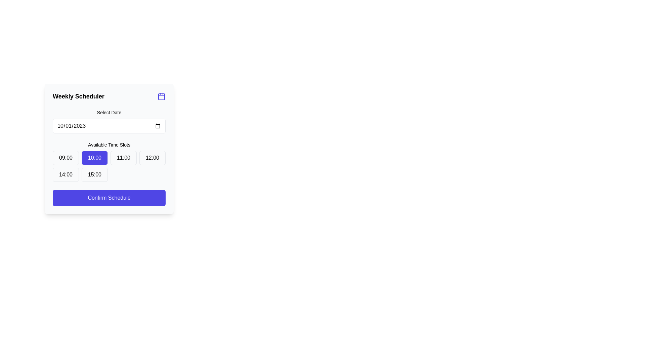 Image resolution: width=645 pixels, height=363 pixels. Describe the element at coordinates (109, 166) in the screenshot. I see `the highlighted time slot '10:00' in the grid of available time slots` at that location.